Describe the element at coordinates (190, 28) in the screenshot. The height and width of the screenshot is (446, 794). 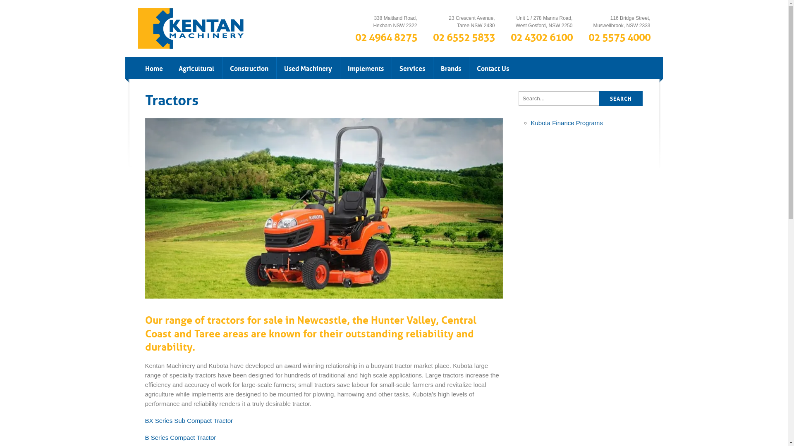
I see `'Kentan Machinery'` at that location.